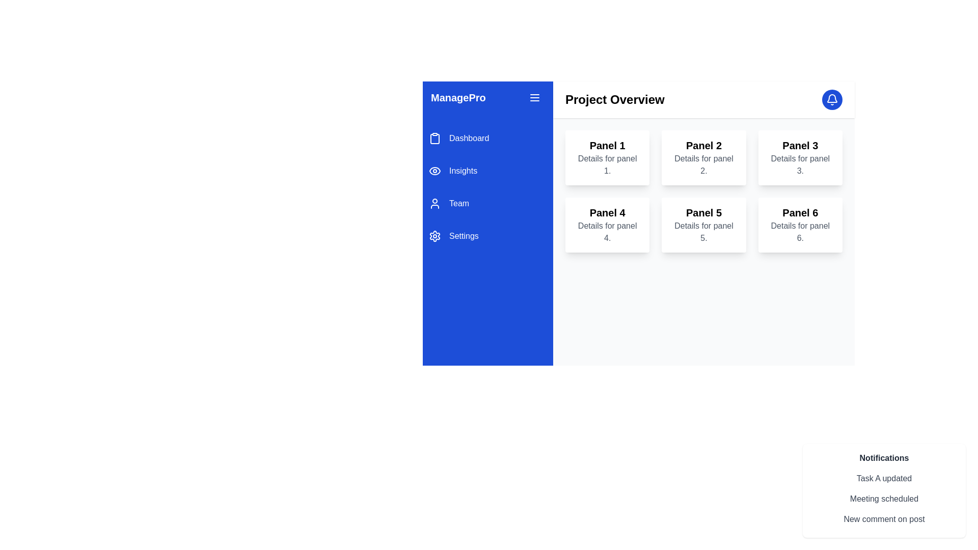 This screenshot has width=978, height=550. I want to click on the 'Team' navigation menu item, which is the third item, so click(487, 204).